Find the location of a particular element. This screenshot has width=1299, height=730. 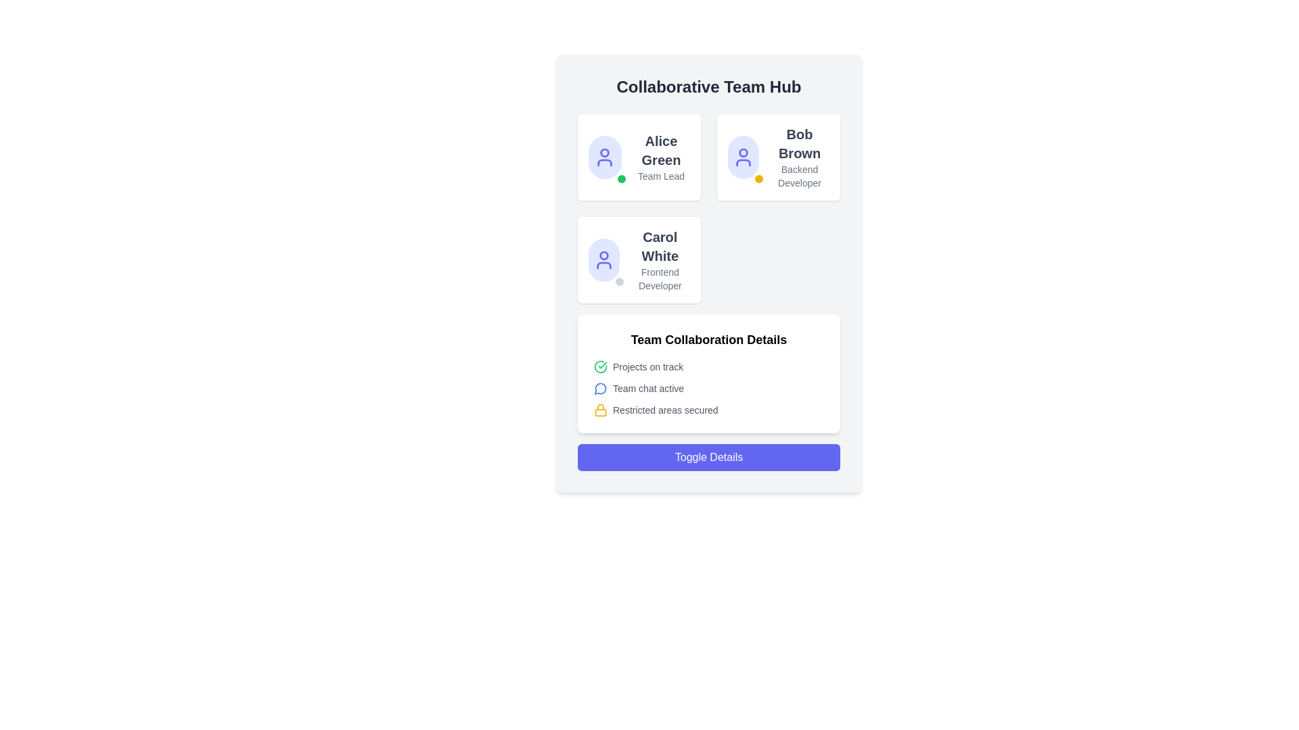

displayed name 'Bob Brown' from the static text label in the second employee card located in the top-right quadrant of the user interface is located at coordinates (799, 143).